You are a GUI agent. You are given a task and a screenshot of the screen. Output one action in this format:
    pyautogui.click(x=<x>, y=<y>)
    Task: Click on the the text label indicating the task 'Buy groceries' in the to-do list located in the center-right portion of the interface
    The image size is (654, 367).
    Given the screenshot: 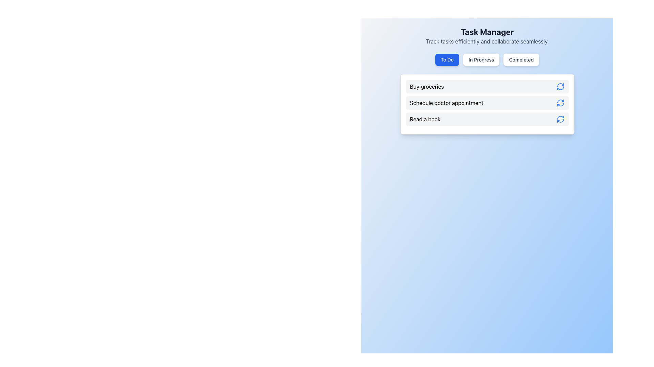 What is the action you would take?
    pyautogui.click(x=426, y=86)
    